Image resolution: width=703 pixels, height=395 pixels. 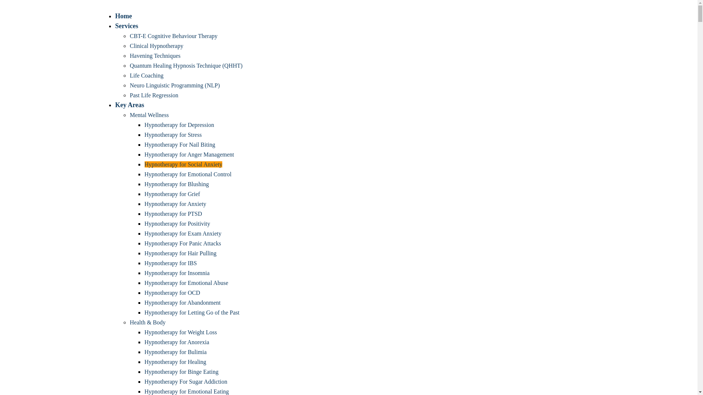 What do you see at coordinates (177, 223) in the screenshot?
I see `'Hypnotherapy for Positivity'` at bounding box center [177, 223].